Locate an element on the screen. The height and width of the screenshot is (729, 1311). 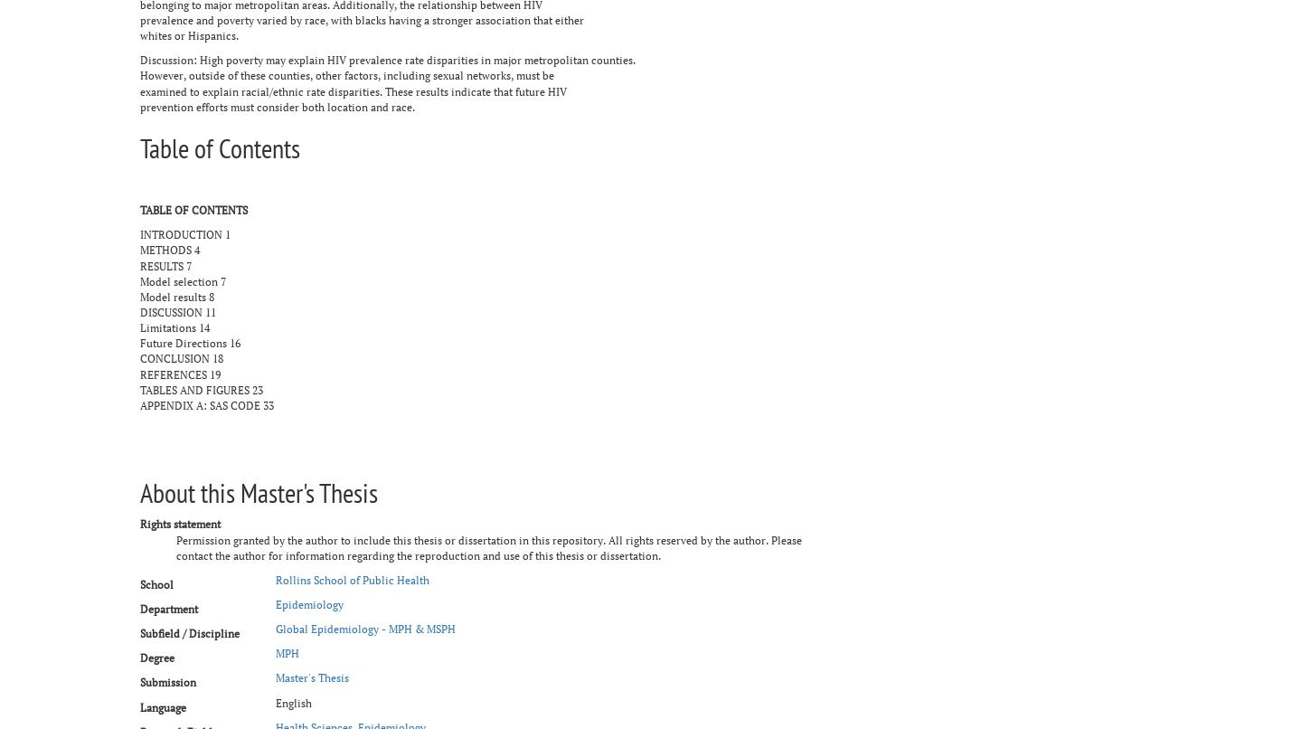
'Master's Thesis' is located at coordinates (312, 677).